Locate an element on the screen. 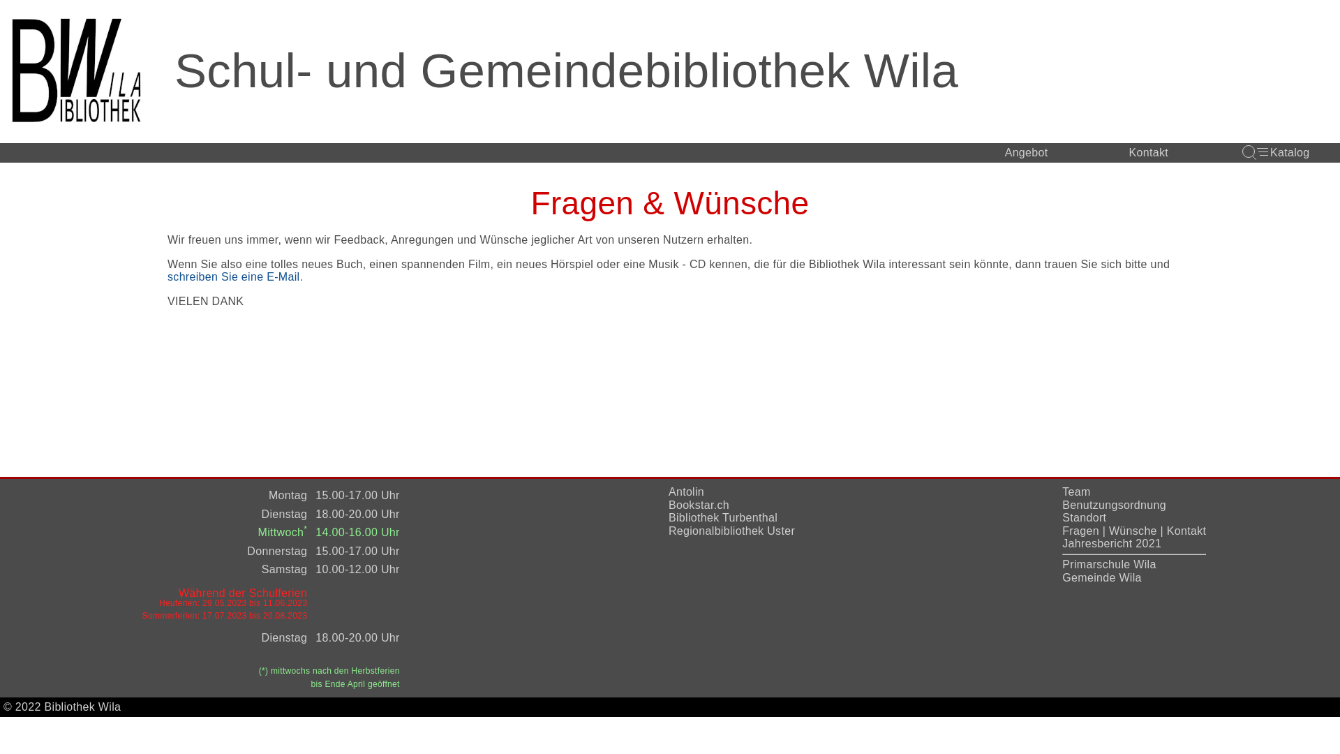 The width and height of the screenshot is (1340, 754). 'Regionalbibliothek Uster' is located at coordinates (731, 531).